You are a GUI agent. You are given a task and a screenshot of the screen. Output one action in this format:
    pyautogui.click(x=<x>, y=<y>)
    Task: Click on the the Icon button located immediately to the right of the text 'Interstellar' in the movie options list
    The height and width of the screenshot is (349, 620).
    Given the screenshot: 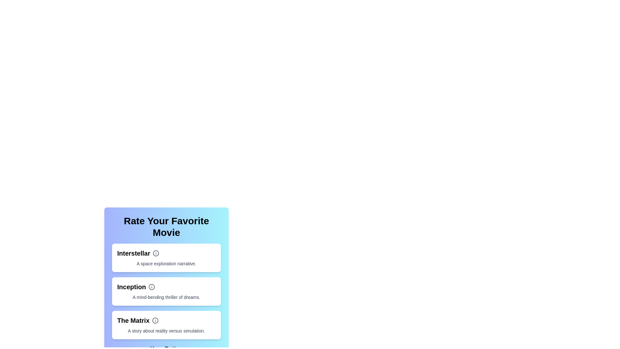 What is the action you would take?
    pyautogui.click(x=156, y=253)
    